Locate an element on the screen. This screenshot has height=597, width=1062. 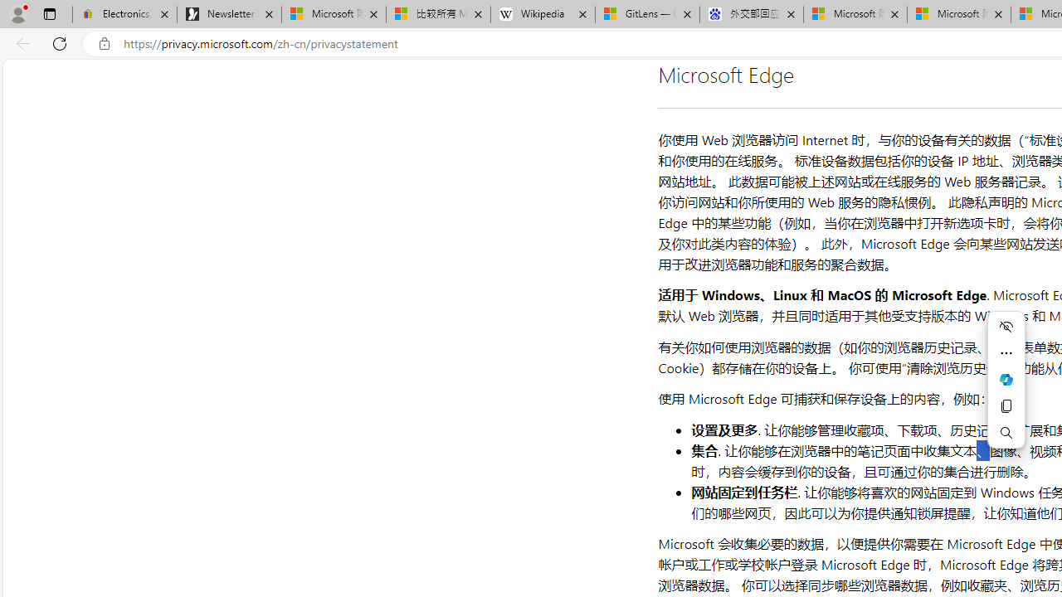
'Copy' is located at coordinates (1005, 405).